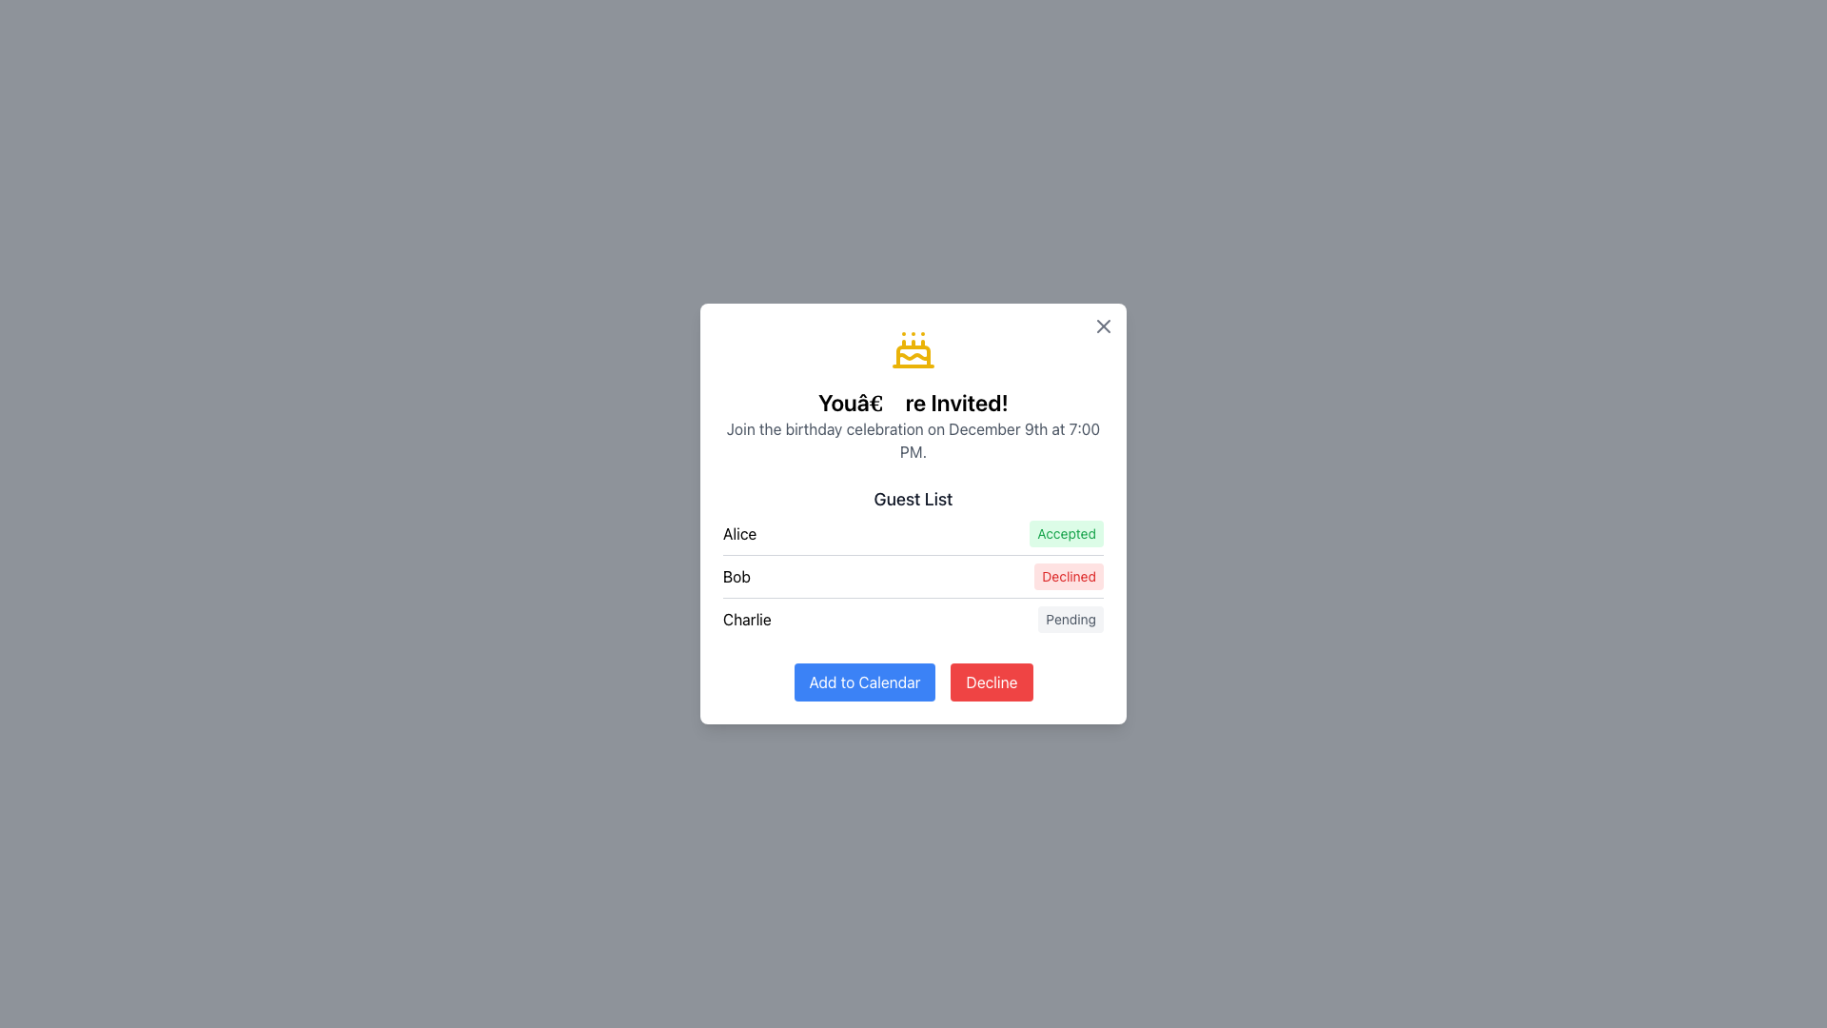 This screenshot has width=1827, height=1028. What do you see at coordinates (913, 348) in the screenshot?
I see `the birthday cake icon with three candles located at the top-center of the dialog box, above the title text 'You’re Invited!'` at bounding box center [913, 348].